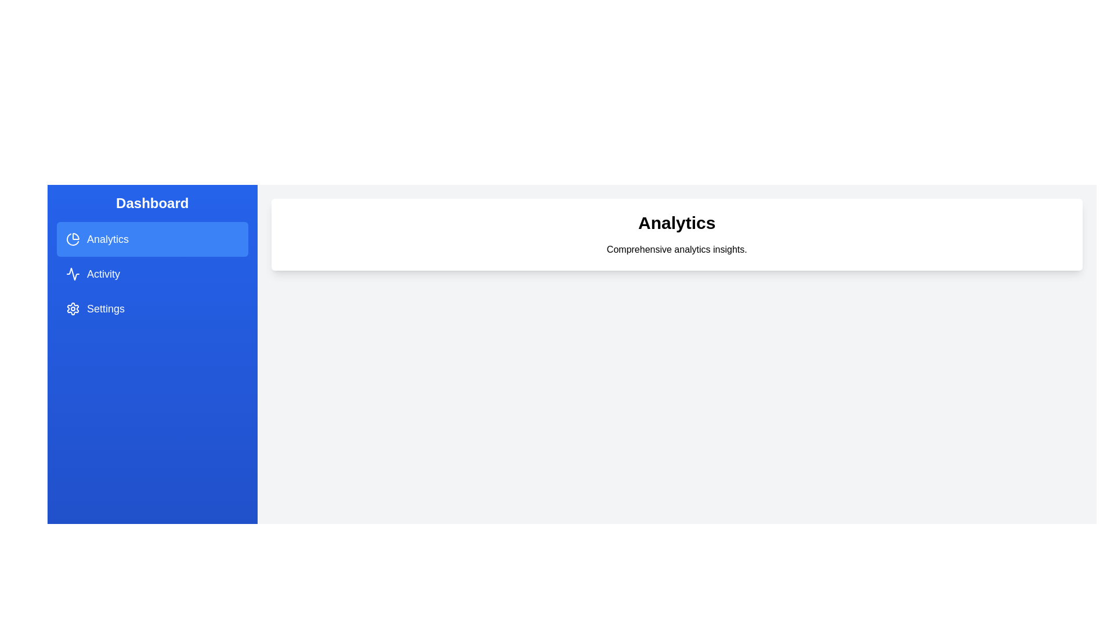 This screenshot has height=626, width=1114. Describe the element at coordinates (72, 238) in the screenshot. I see `the pie chart icon located in the first item of the vertical navigation bar on the left-hand side of the interface` at that location.